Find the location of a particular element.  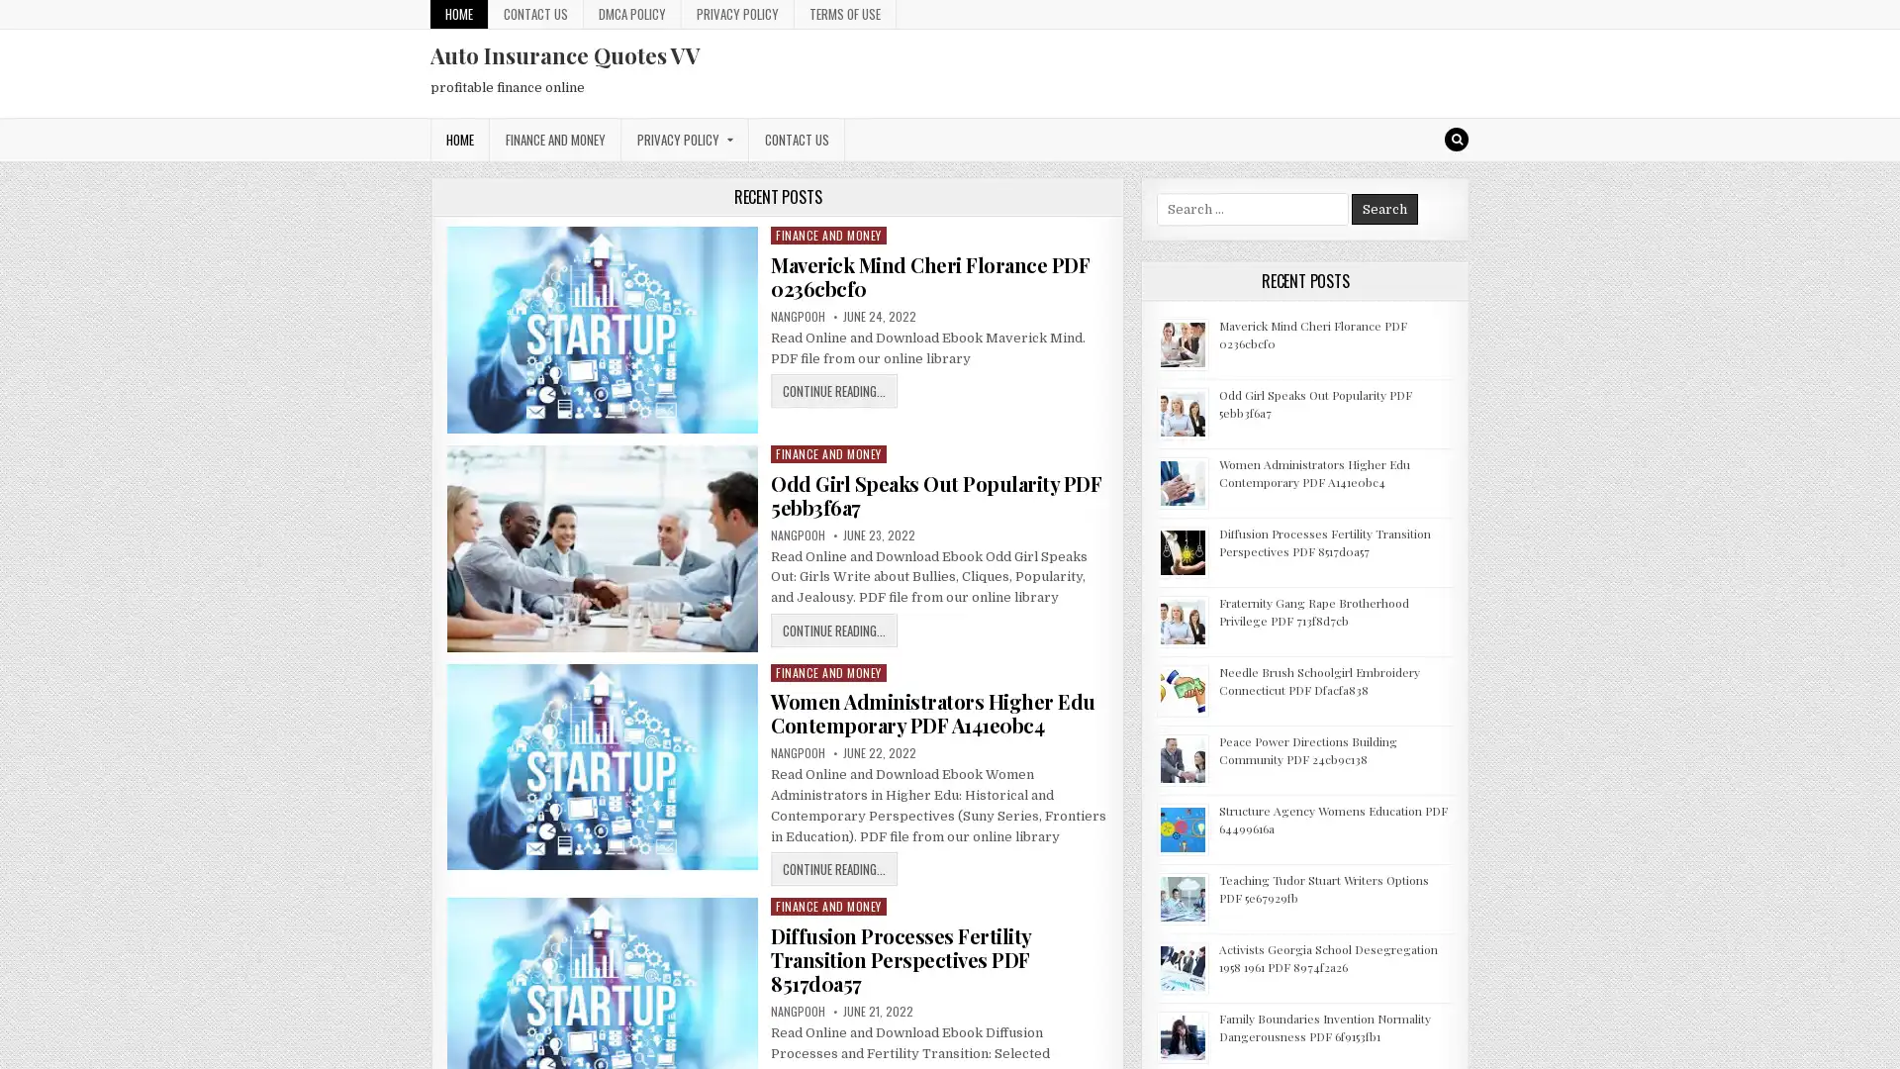

Search is located at coordinates (1383, 209).